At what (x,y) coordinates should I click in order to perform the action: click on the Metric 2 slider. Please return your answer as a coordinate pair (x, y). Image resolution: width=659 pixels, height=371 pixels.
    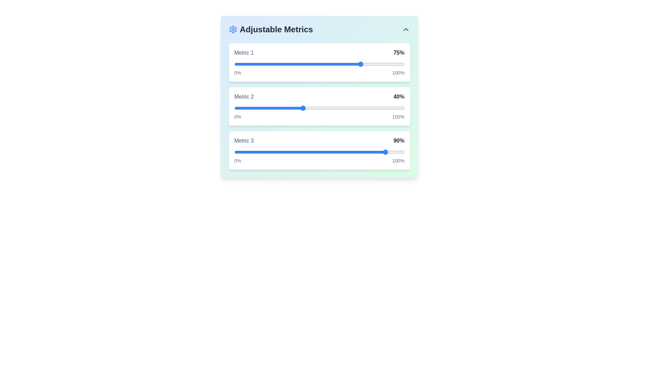
    Looking at the image, I should click on (355, 108).